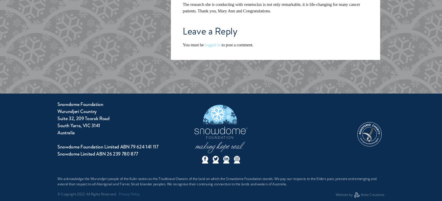 This screenshot has height=201, width=442. Describe the element at coordinates (80, 104) in the screenshot. I see `'Snowdome Foundation'` at that location.